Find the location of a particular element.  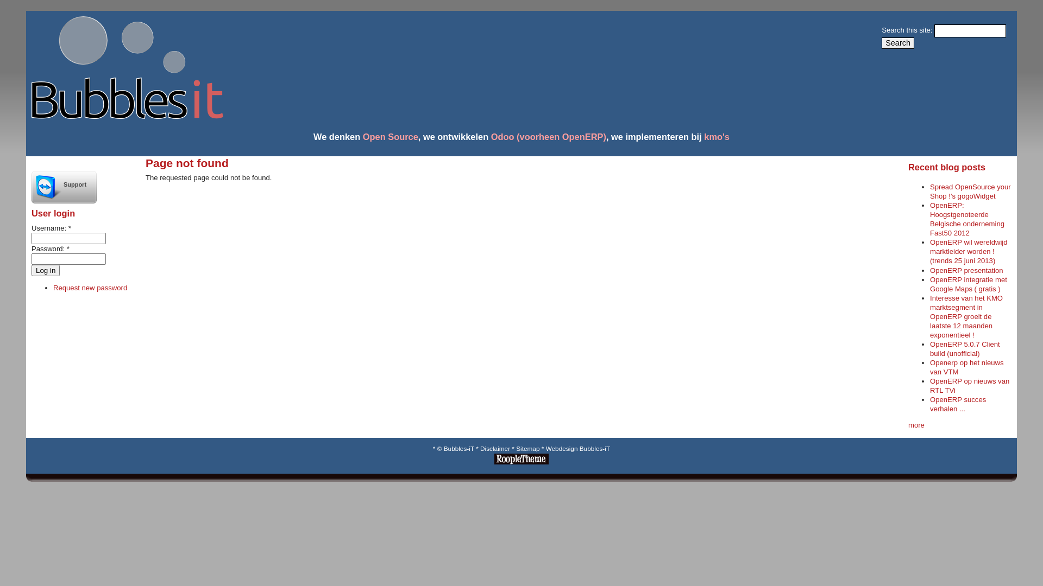

'OpenERP integratie met Google Maps ( gratis )' is located at coordinates (929, 284).